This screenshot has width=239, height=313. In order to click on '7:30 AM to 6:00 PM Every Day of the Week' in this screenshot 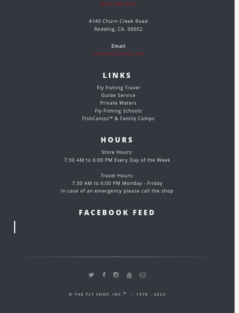, I will do `click(117, 159)`.